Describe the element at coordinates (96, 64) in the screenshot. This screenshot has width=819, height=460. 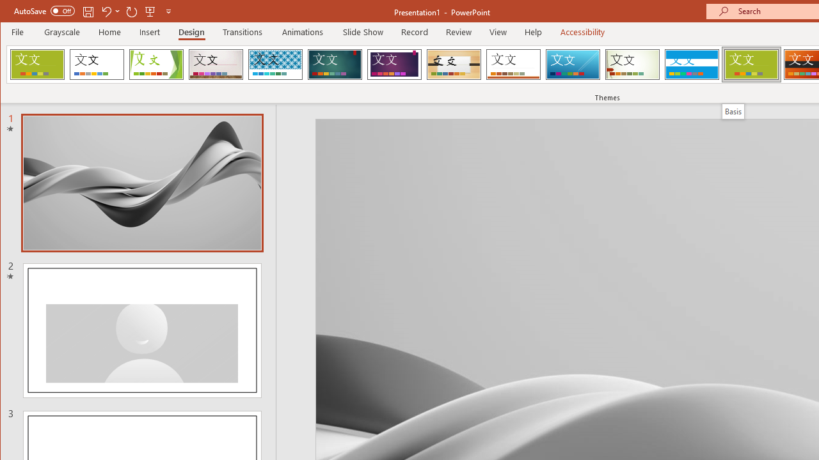
I see `'Office Theme'` at that location.